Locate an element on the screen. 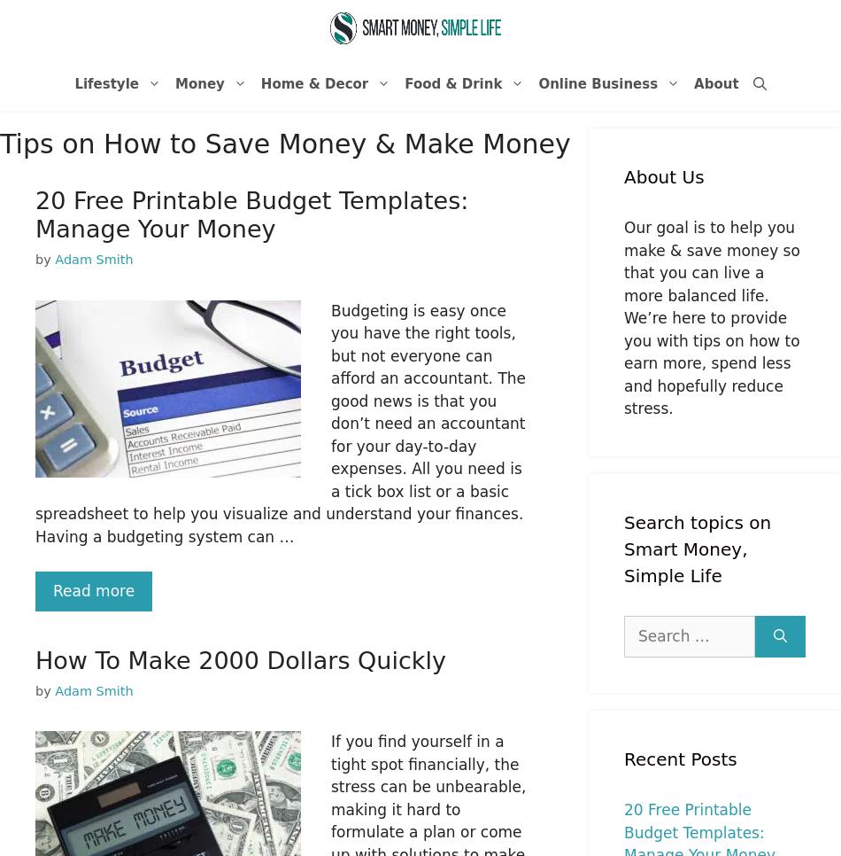 Image resolution: width=841 pixels, height=856 pixels. 'About Us' is located at coordinates (663, 176).